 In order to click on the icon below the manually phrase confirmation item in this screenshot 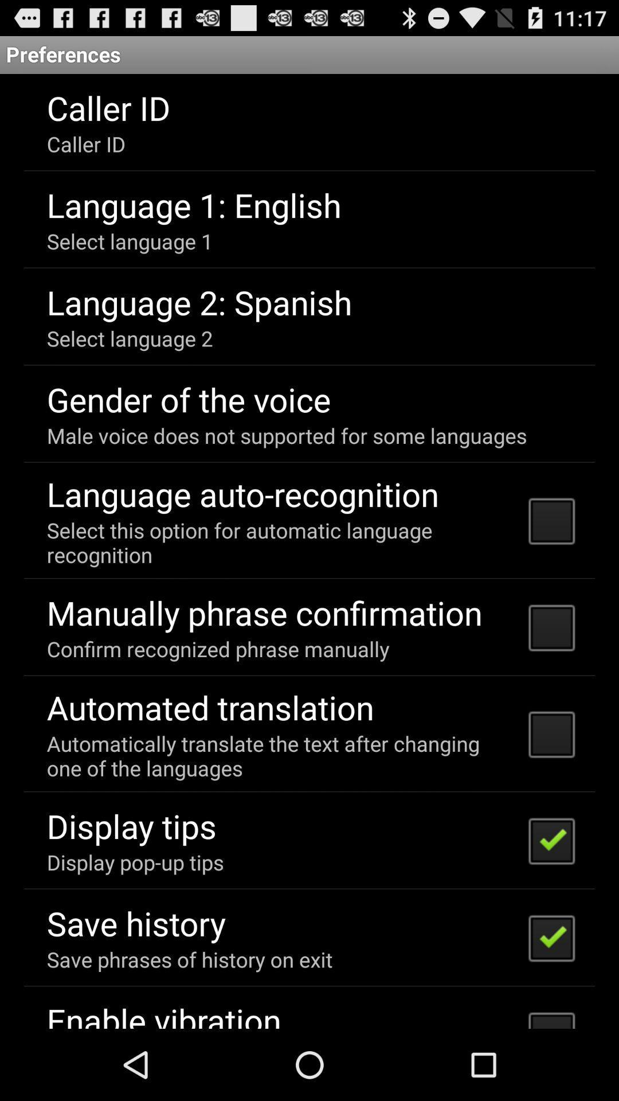, I will do `click(218, 649)`.